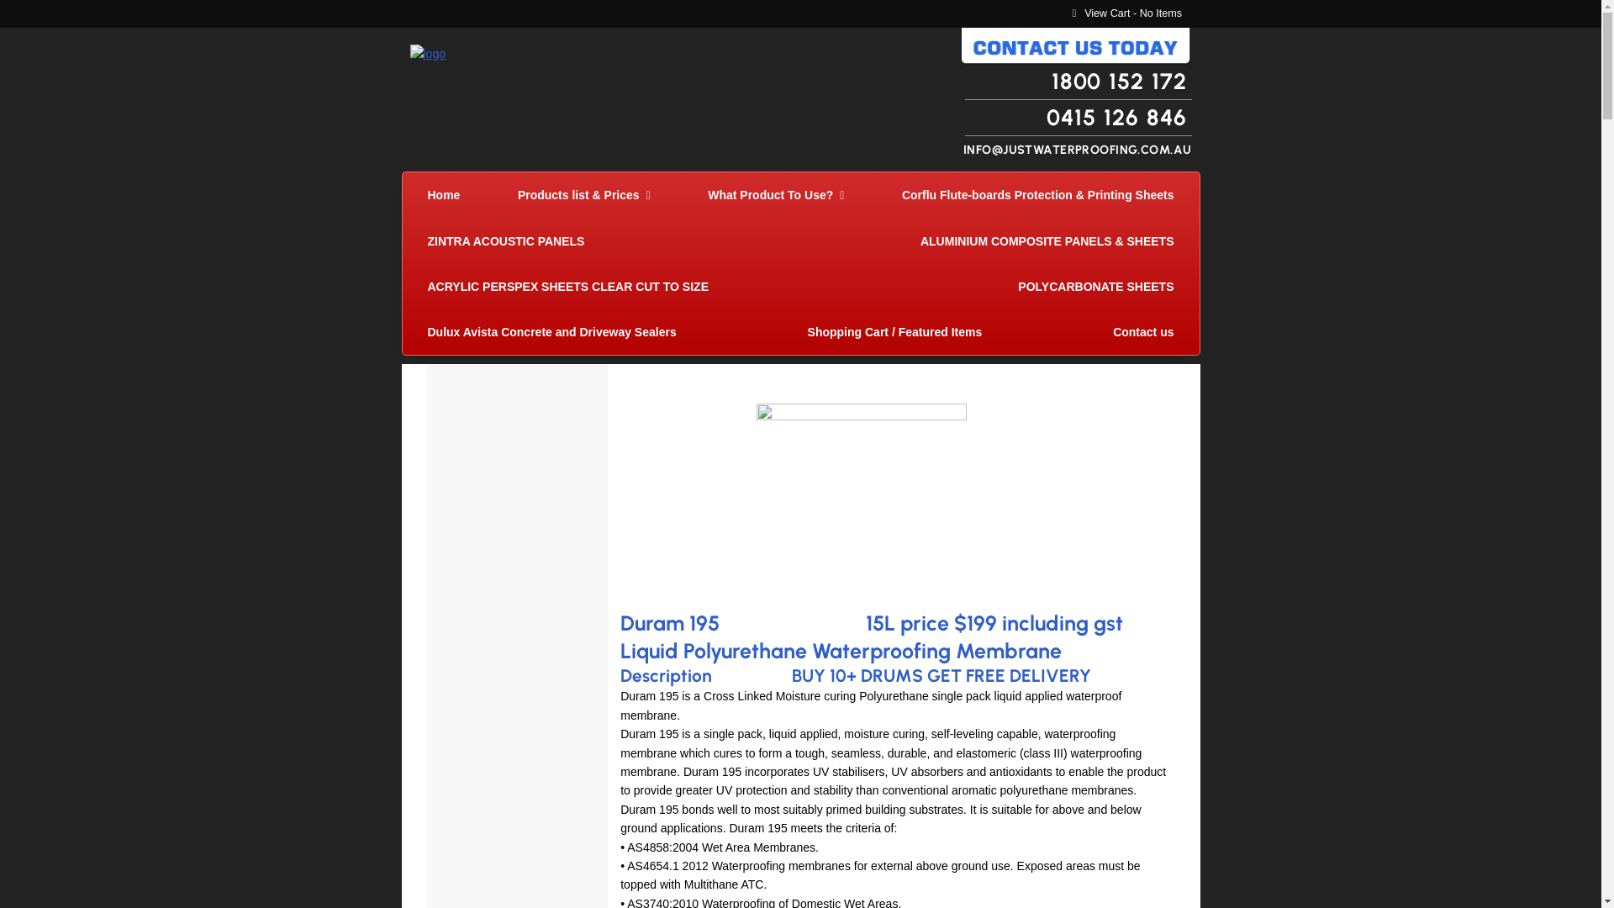  Describe the element at coordinates (1095, 285) in the screenshot. I see `'POLYCARBONATE SHEETS'` at that location.